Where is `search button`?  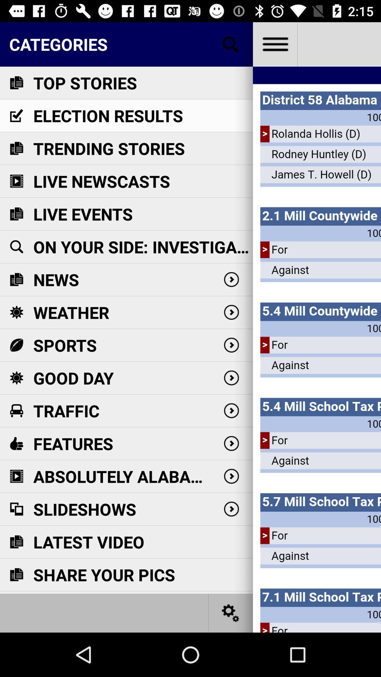 search button is located at coordinates (231, 44).